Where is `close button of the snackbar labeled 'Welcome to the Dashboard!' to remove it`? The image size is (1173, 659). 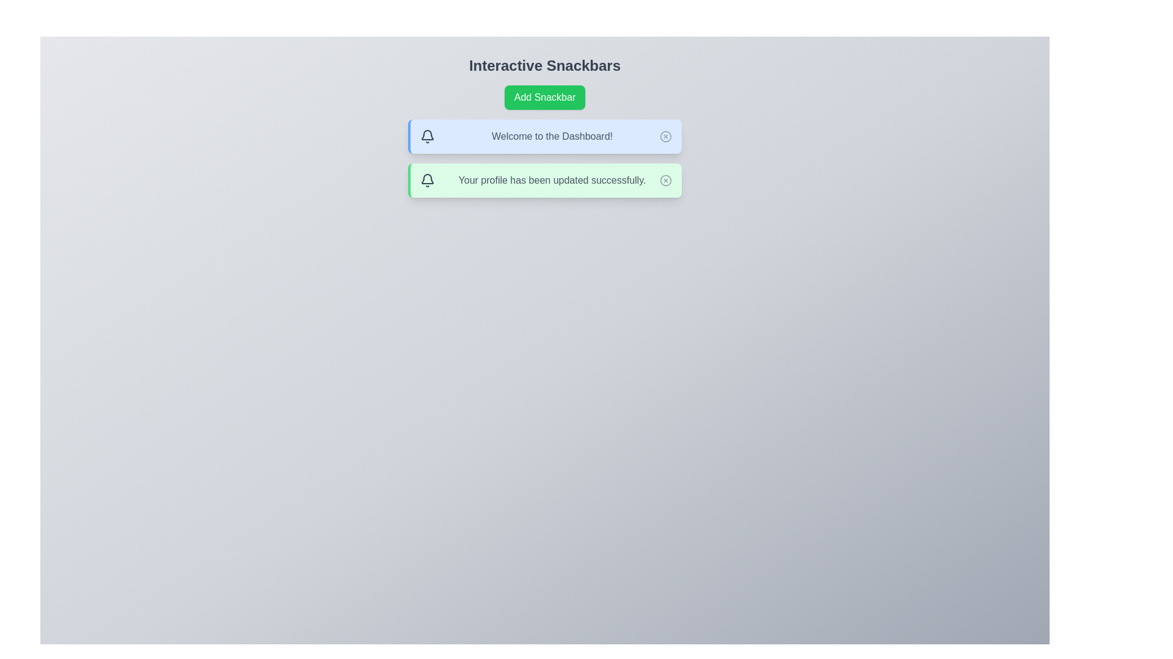
close button of the snackbar labeled 'Welcome to the Dashboard!' to remove it is located at coordinates (665, 136).